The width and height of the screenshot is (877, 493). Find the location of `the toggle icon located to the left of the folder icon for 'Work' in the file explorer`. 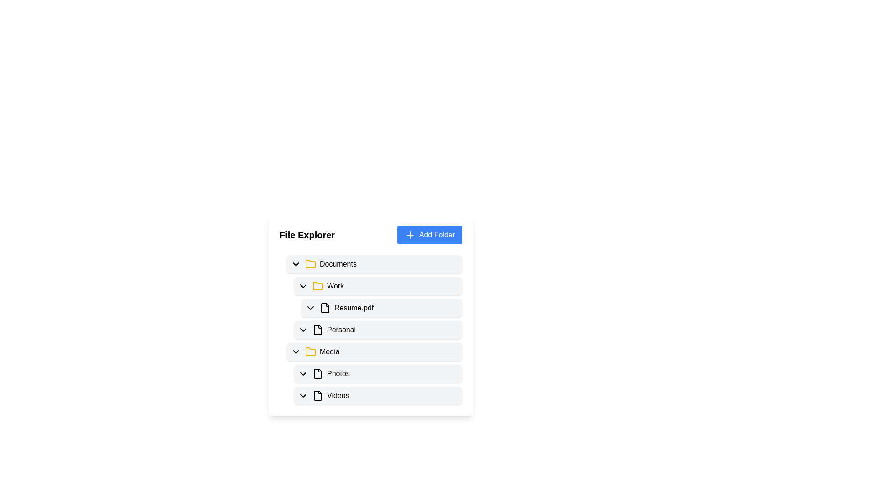

the toggle icon located to the left of the folder icon for 'Work' in the file explorer is located at coordinates (303, 286).